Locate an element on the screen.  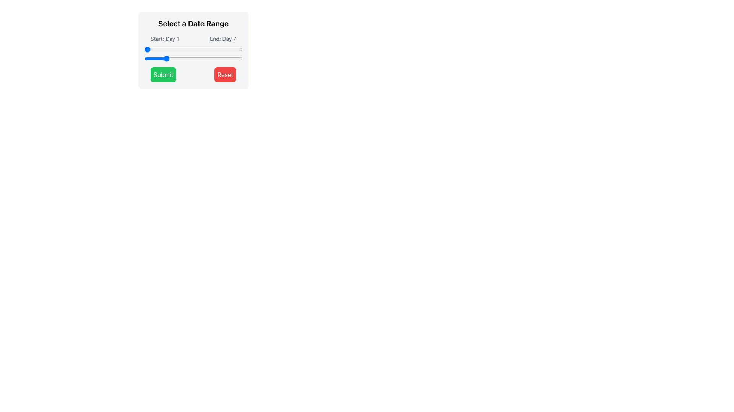
the first submission button located near the bottom of the date range selection interface is located at coordinates (163, 75).